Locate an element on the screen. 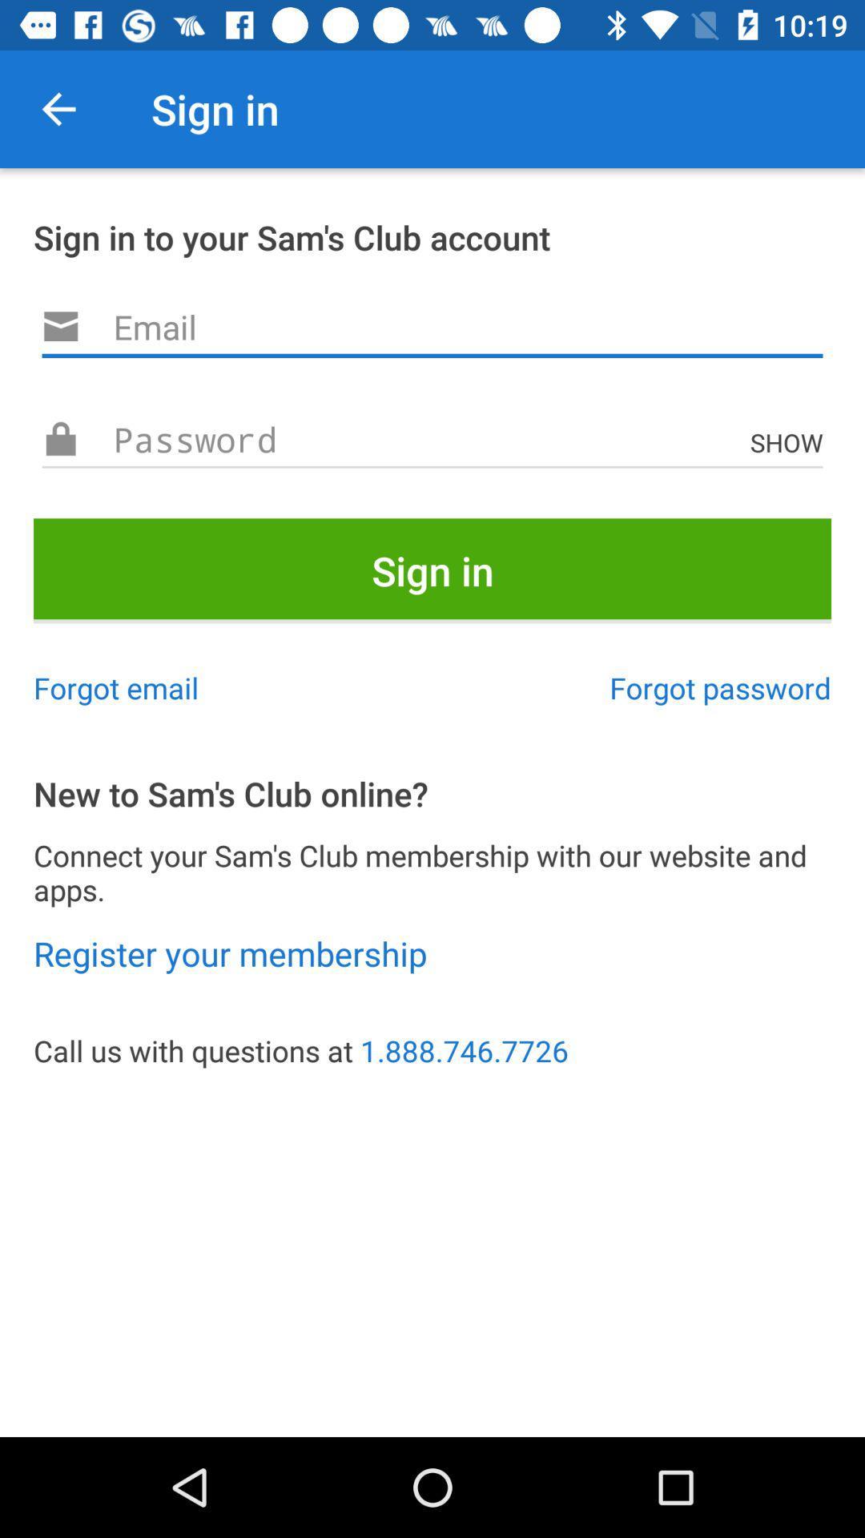  icon below sign in item is located at coordinates (115, 687).